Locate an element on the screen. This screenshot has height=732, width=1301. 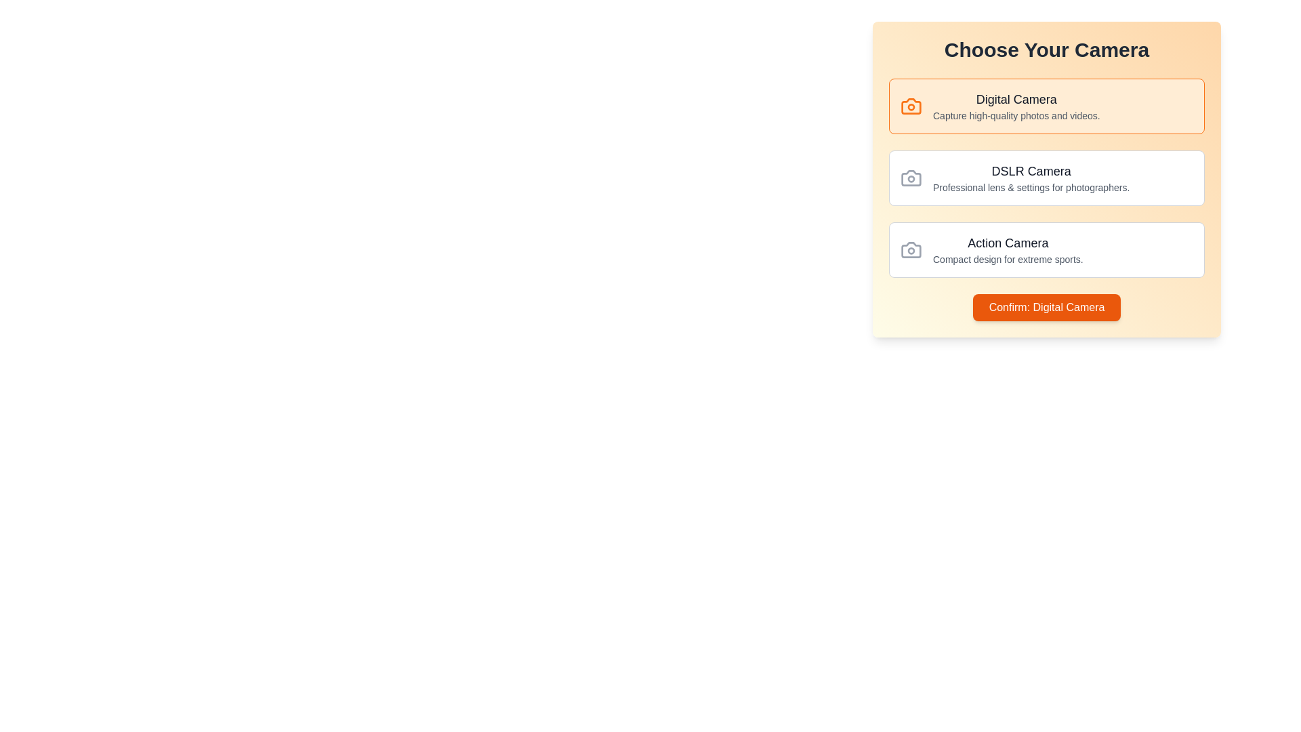
the Text Display element that shows 'DSLR Camera' and its details about 'Professional lens & settings for photographers.' is located at coordinates (1031, 177).